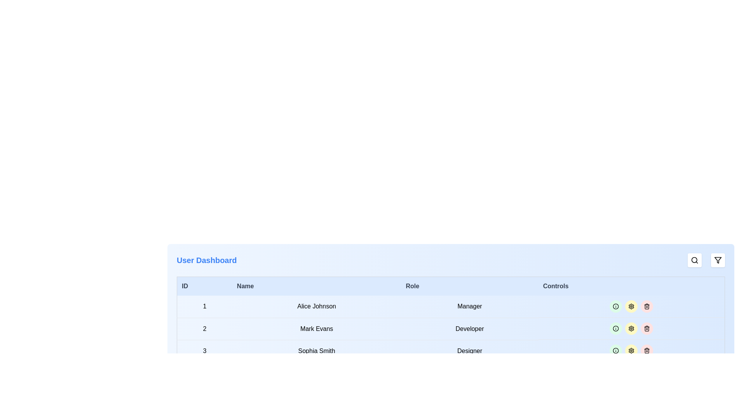 This screenshot has height=419, width=746. What do you see at coordinates (451, 306) in the screenshot?
I see `to select the first row in the user management table, which contains user ID, full name, and role information, and includes controls for managing user details` at bounding box center [451, 306].